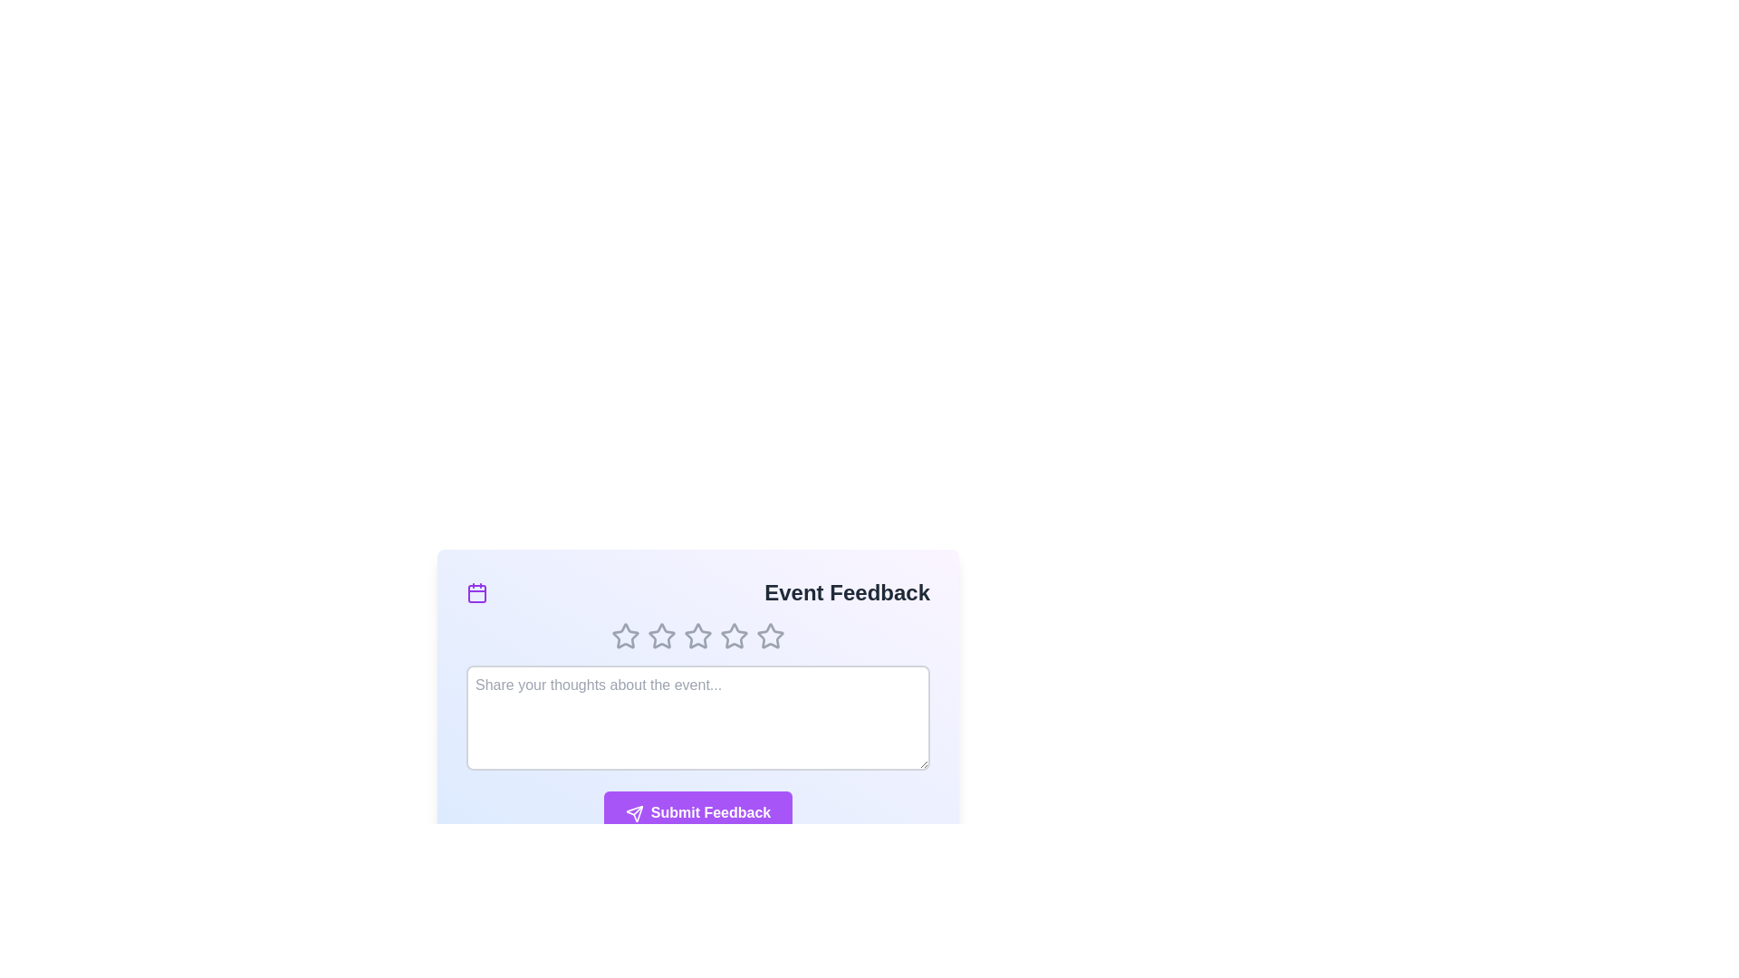  What do you see at coordinates (626, 635) in the screenshot?
I see `the first gray star icon in the rating section` at bounding box center [626, 635].